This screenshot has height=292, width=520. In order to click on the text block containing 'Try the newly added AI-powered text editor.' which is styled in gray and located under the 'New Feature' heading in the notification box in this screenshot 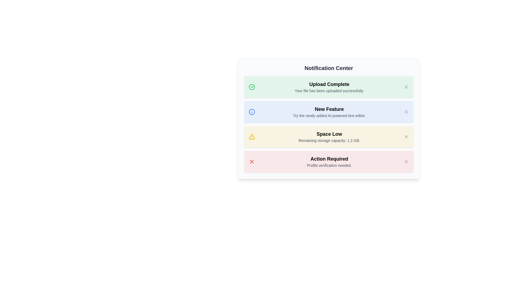, I will do `click(329, 115)`.